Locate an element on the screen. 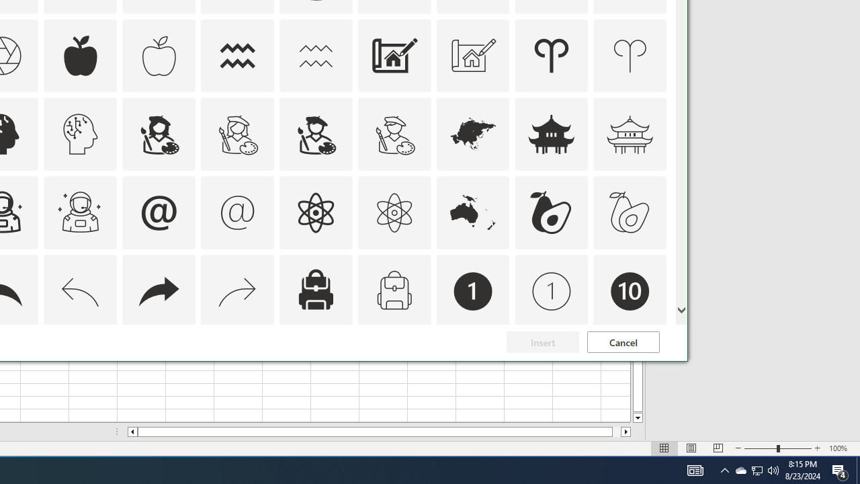 This screenshot has height=484, width=860. 'AutomationID: Icons_Badge10' is located at coordinates (630, 291).